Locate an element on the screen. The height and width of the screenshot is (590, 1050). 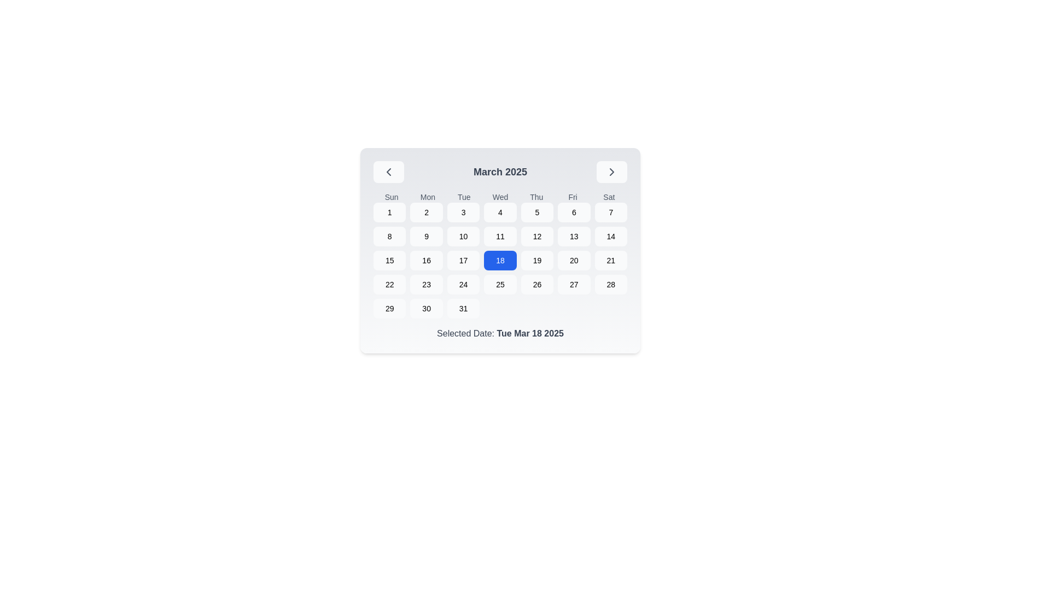
the text that displays the currently selected date, which is located at the right end of the text 'Selected Date:' is located at coordinates (530, 333).